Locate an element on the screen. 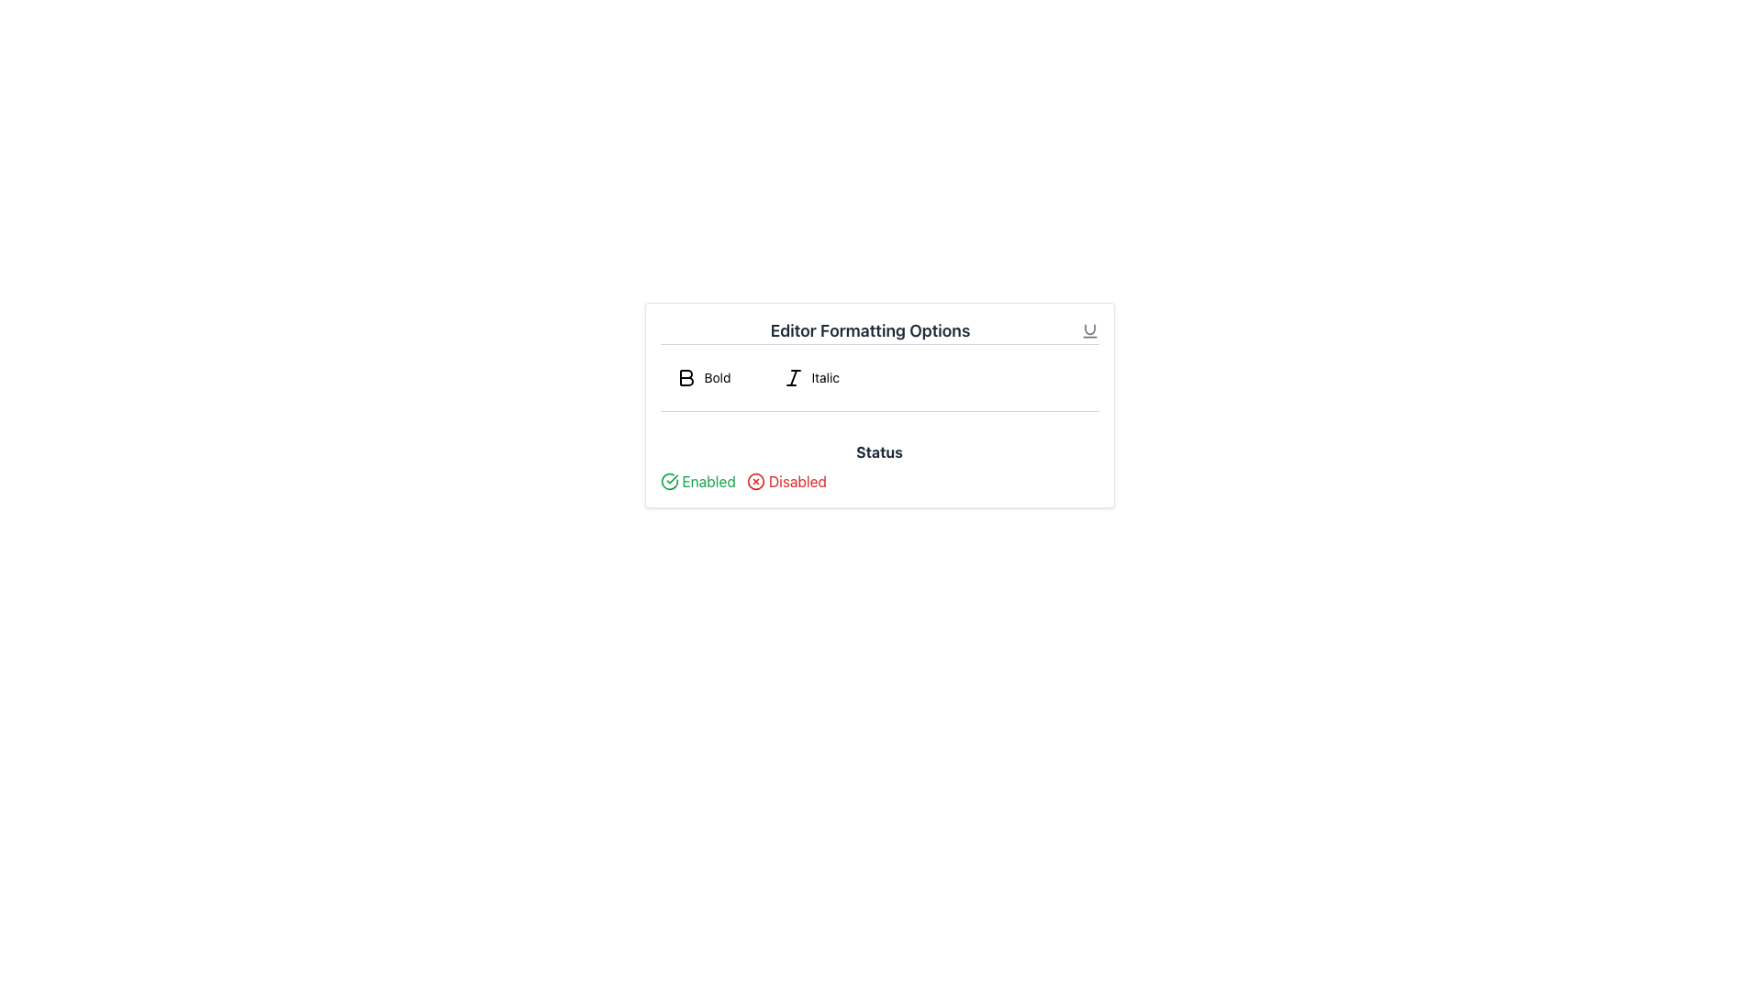 This screenshot has width=1762, height=991. the header label that provides a title for the section containing formatting options, located directly above the 'Bold' and 'Italic' buttons is located at coordinates (878, 331).